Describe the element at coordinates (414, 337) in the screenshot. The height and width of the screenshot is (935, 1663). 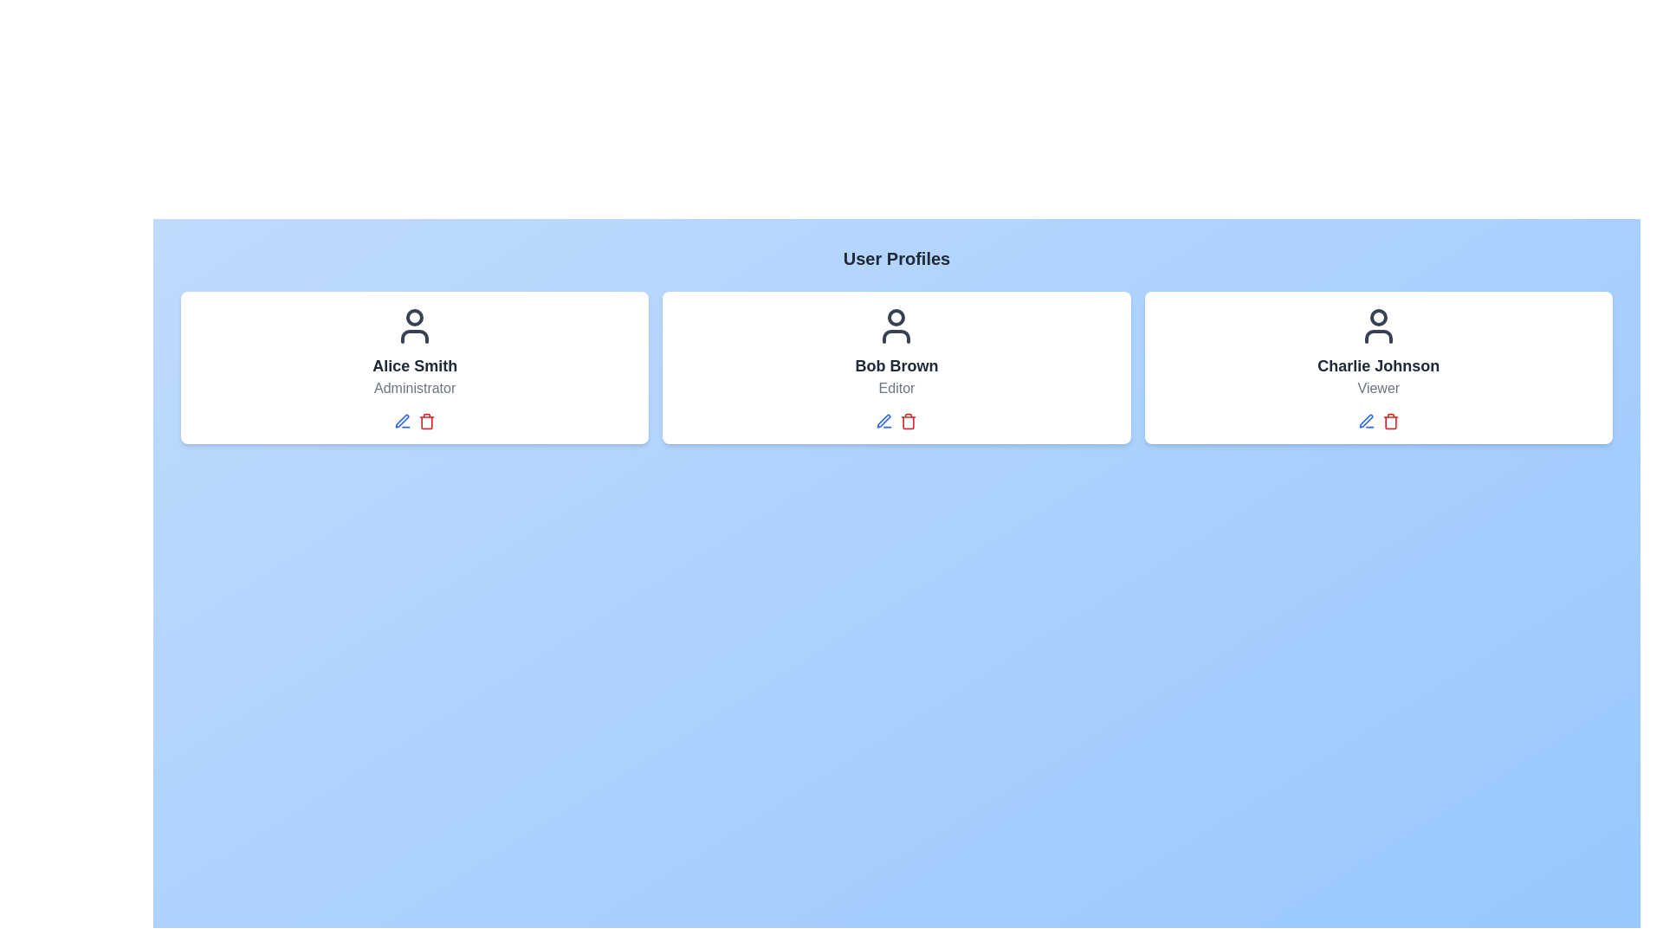
I see `the user avatar icon in the profile card of 'Alice Smith', which is located below the circular head icon` at that location.